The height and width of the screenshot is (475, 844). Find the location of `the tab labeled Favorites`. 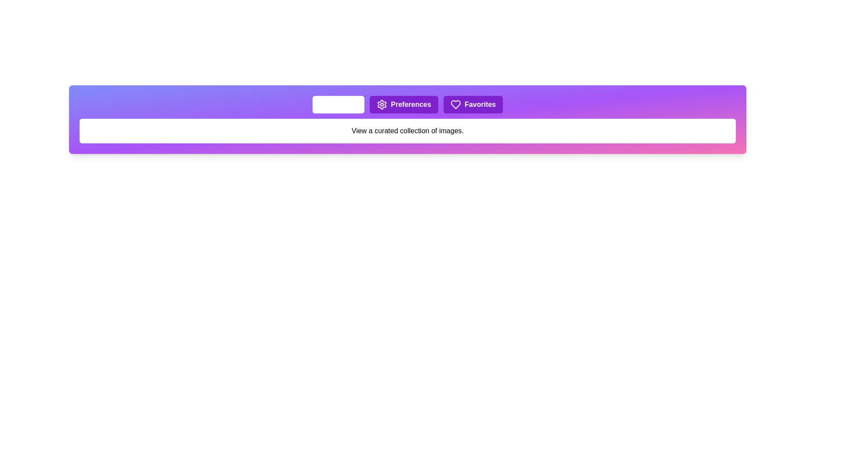

the tab labeled Favorites is located at coordinates (472, 104).